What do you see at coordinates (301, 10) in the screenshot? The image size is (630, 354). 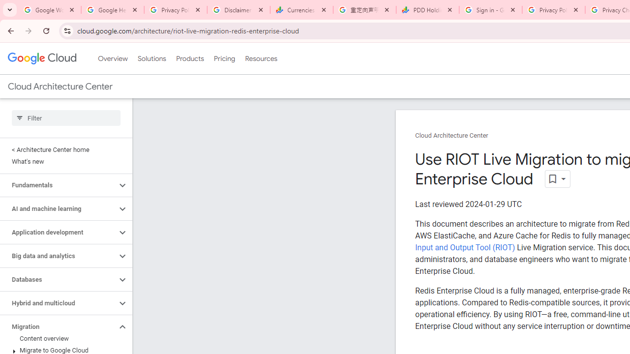 I see `'Currencies - Google Finance'` at bounding box center [301, 10].